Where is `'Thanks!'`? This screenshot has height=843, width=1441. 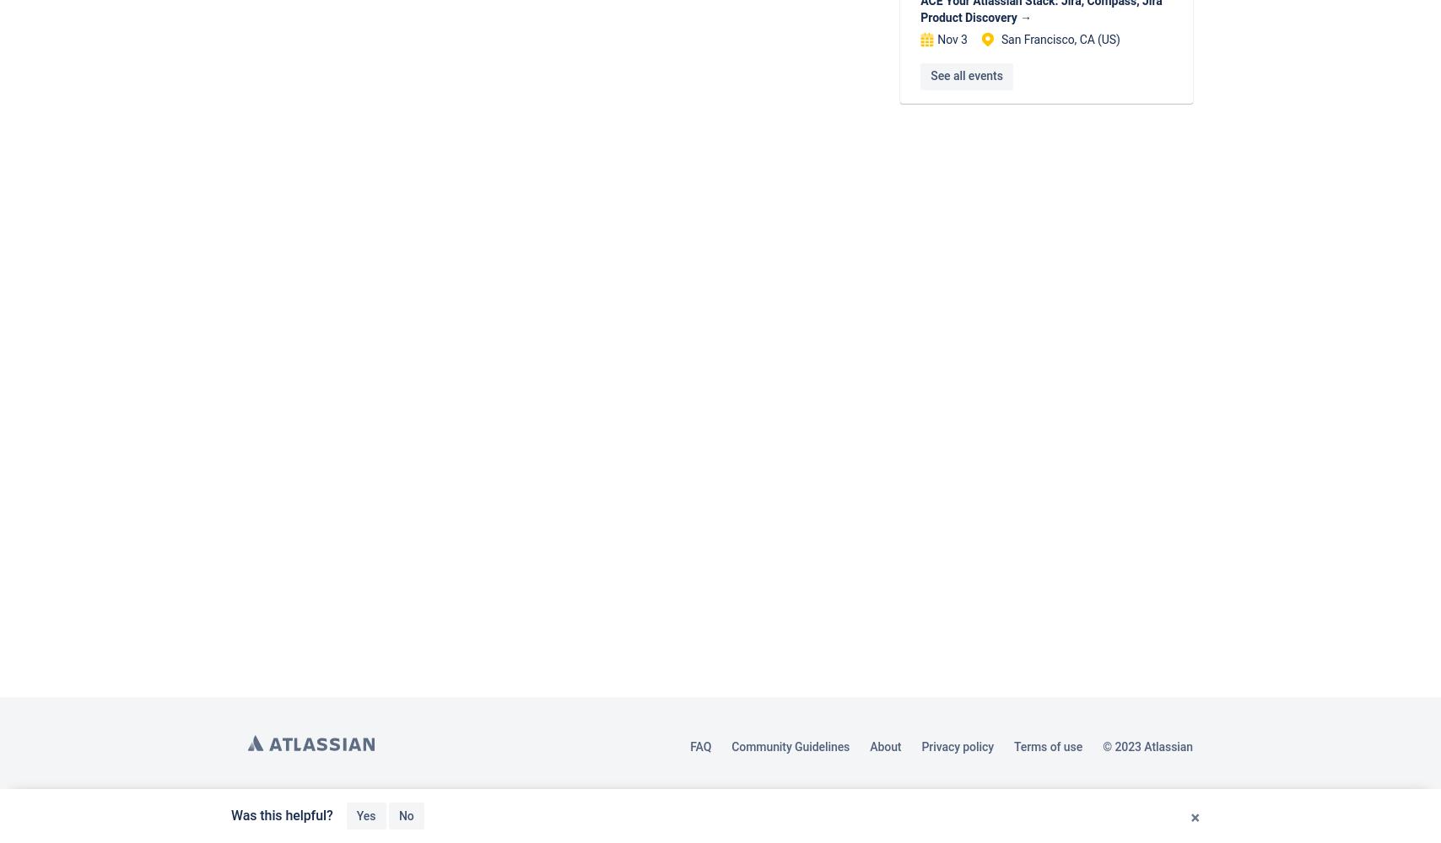
'Thanks!' is located at coordinates (419, 814).